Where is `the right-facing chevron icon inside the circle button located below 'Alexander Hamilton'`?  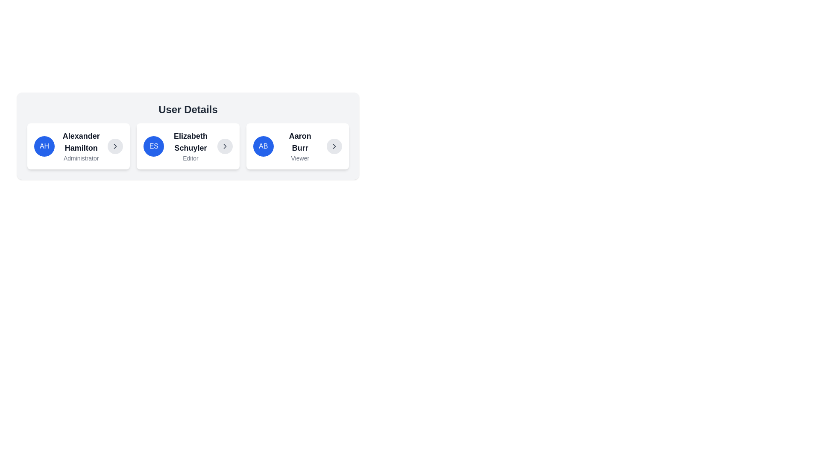 the right-facing chevron icon inside the circle button located below 'Alexander Hamilton' is located at coordinates (115, 146).